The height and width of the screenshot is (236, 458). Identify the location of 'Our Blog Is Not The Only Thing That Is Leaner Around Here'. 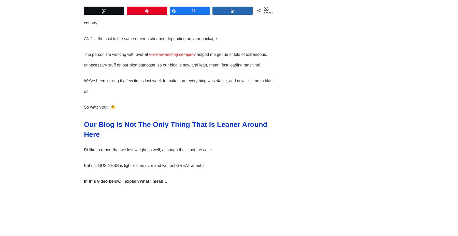
(175, 129).